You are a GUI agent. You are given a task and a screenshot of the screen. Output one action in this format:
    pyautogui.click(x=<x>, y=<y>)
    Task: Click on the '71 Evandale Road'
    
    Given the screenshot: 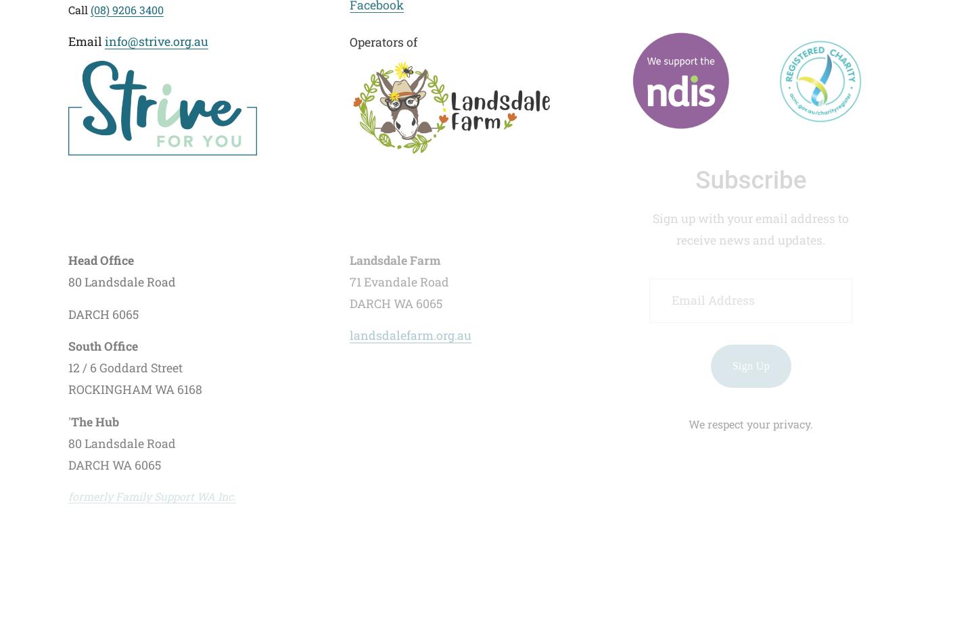 What is the action you would take?
    pyautogui.click(x=399, y=281)
    